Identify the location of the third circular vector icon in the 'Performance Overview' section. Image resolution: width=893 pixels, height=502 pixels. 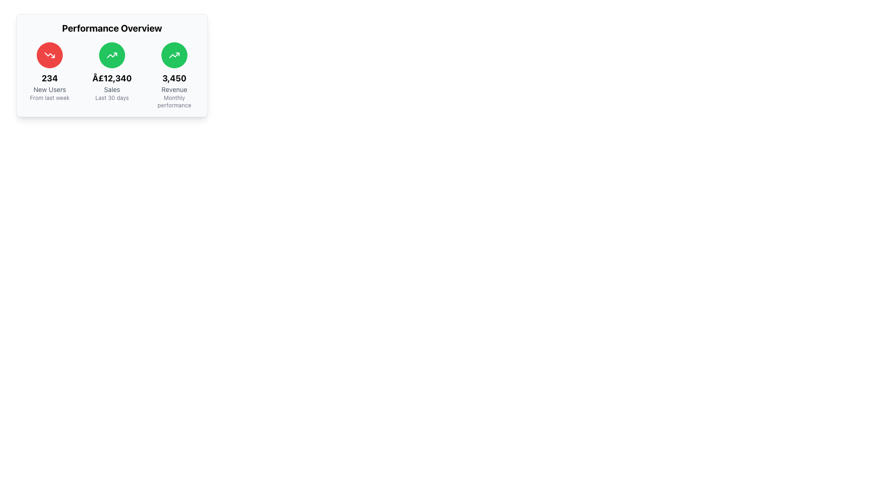
(174, 55).